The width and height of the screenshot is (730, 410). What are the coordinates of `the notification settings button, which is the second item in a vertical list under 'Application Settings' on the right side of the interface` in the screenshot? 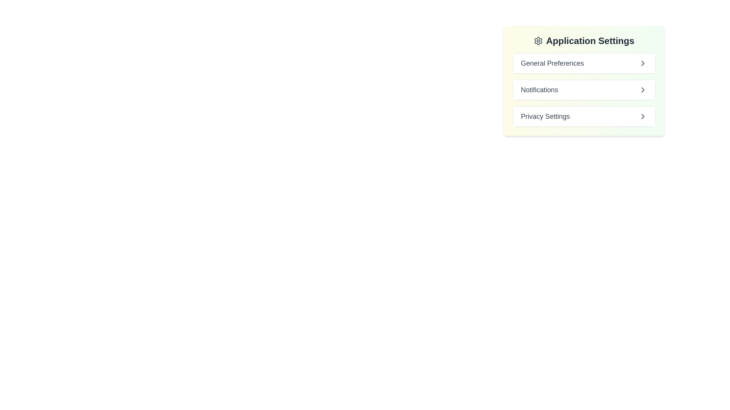 It's located at (584, 89).